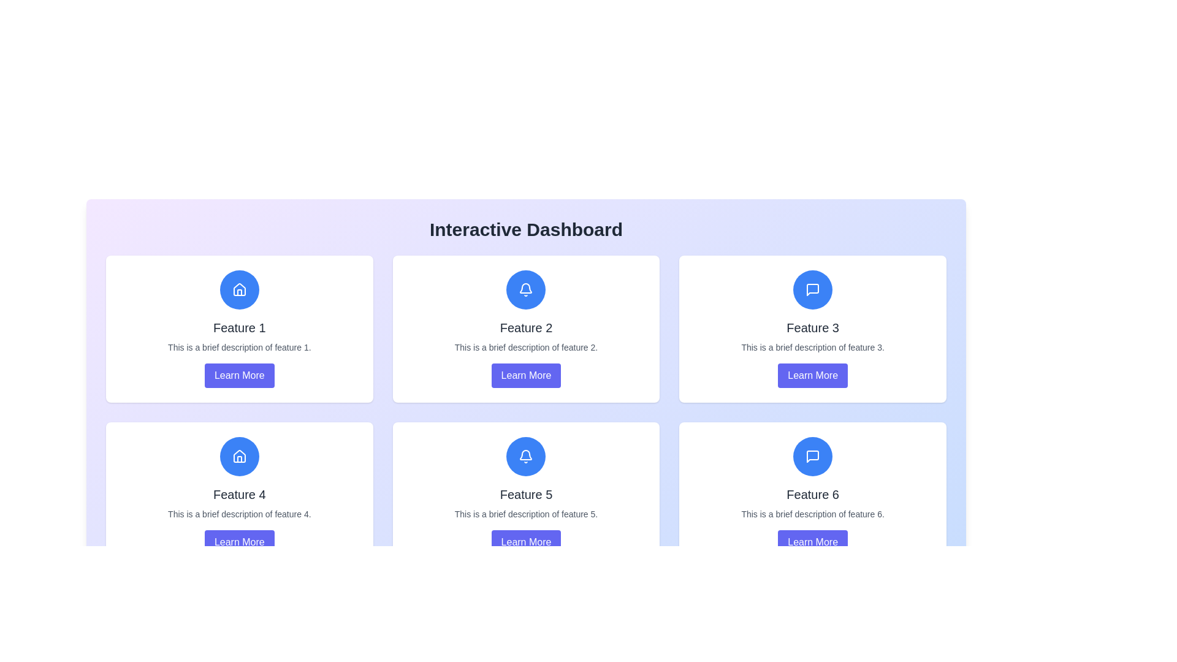 The image size is (1177, 662). Describe the element at coordinates (813, 375) in the screenshot. I see `the 'Learn More' button, which is a rectangular button with a light indigo background and white text, located in the 'Feature 3' card in the third column of the top row of a grid layout` at that location.